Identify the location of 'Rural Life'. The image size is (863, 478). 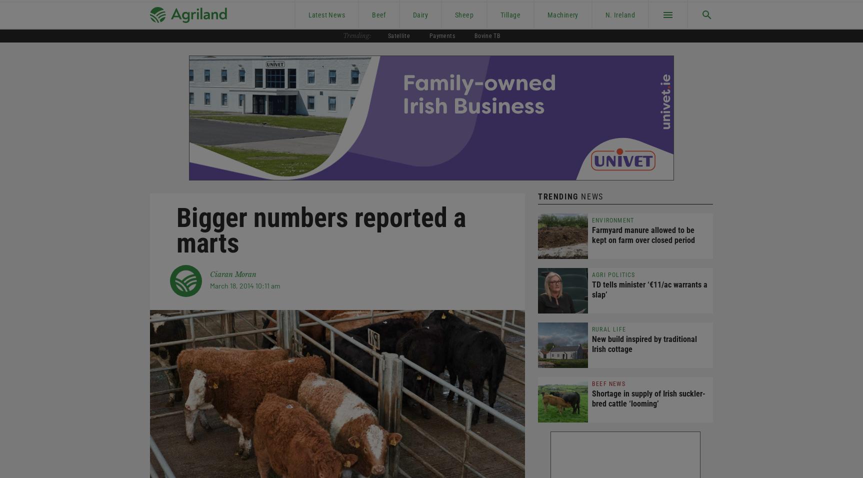
(591, 329).